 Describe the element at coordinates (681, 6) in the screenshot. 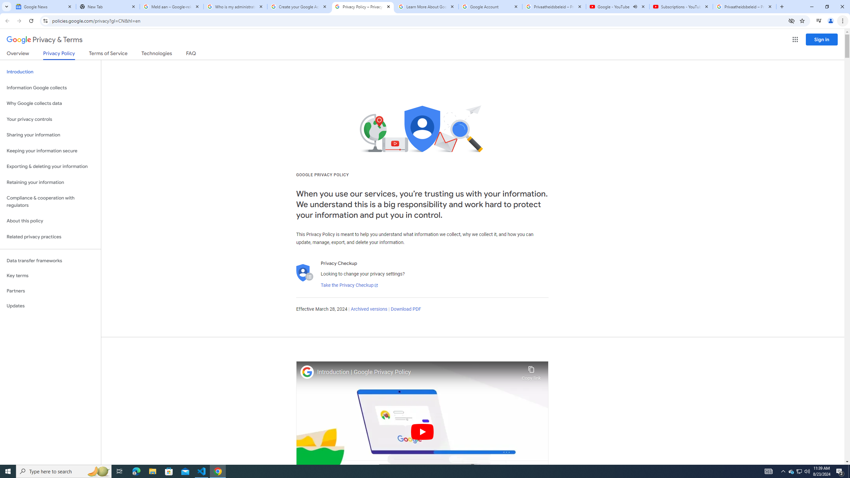

I see `'Subscriptions - YouTube'` at that location.